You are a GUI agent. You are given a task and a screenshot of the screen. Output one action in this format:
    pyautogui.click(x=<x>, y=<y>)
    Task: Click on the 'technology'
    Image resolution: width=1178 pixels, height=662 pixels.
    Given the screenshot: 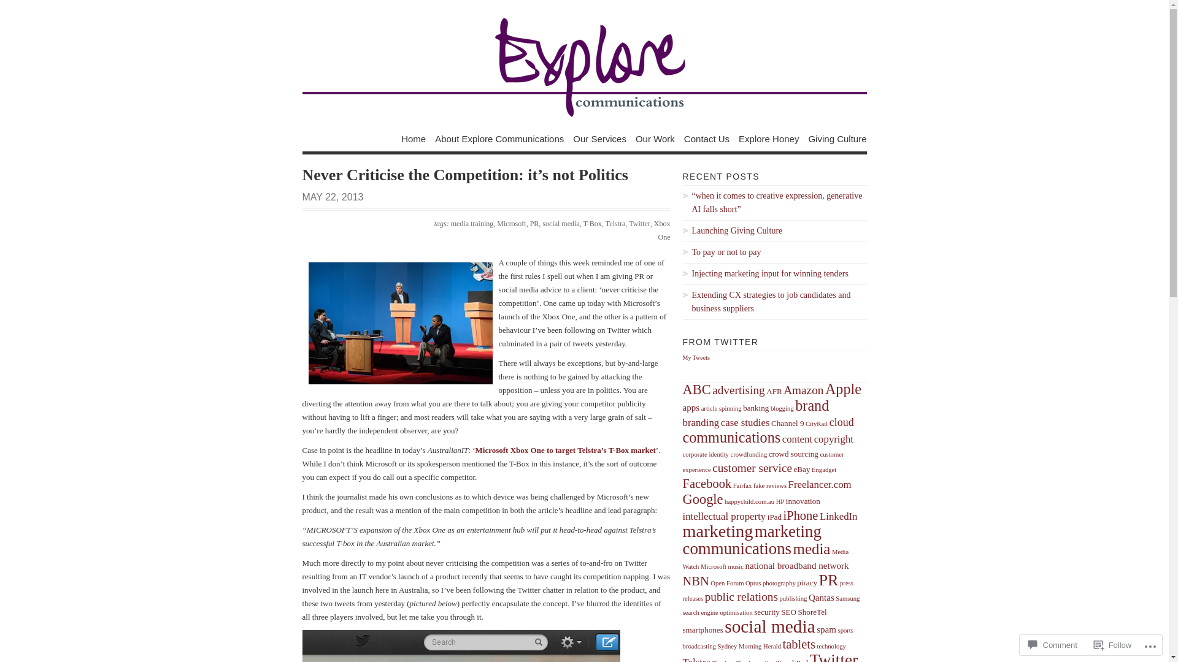 What is the action you would take?
    pyautogui.click(x=831, y=645)
    